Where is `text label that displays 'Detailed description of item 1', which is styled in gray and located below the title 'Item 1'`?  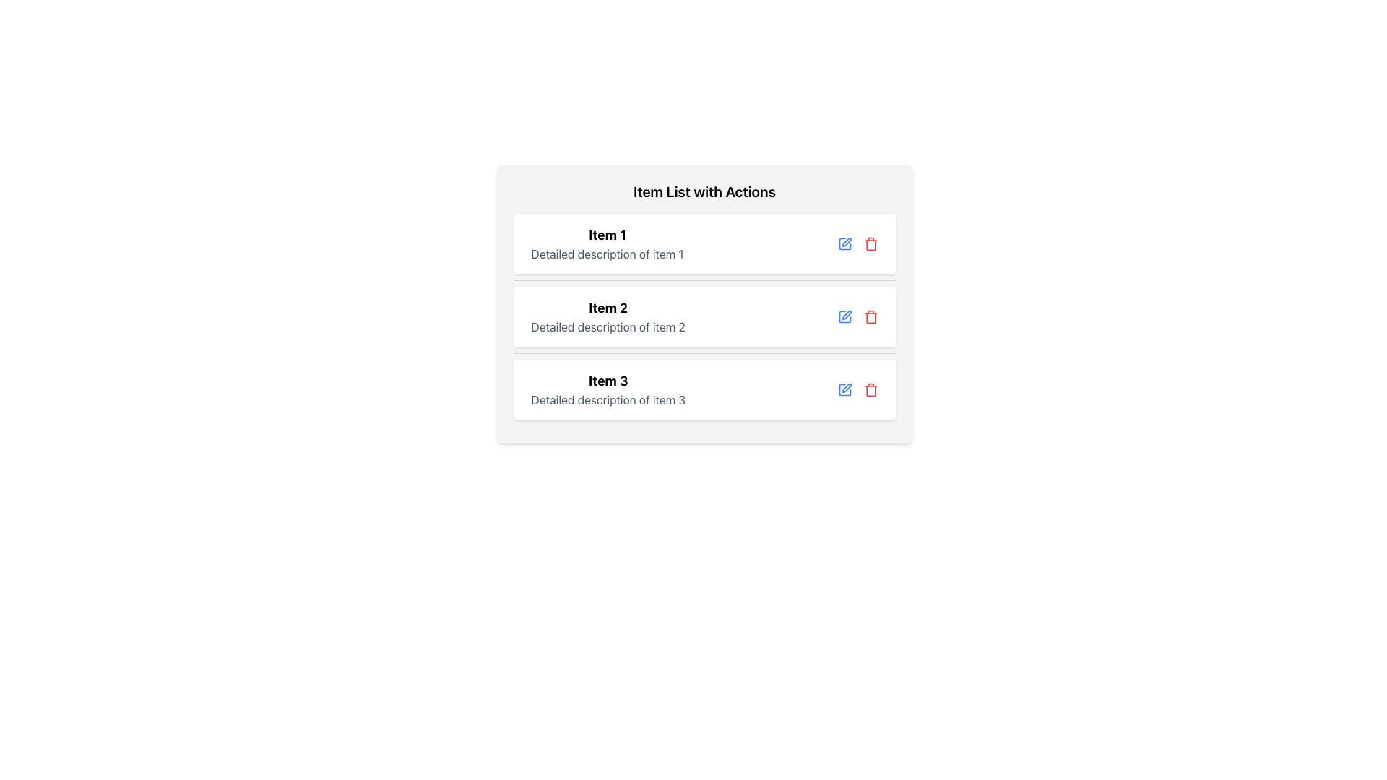
text label that displays 'Detailed description of item 1', which is styled in gray and located below the title 'Item 1' is located at coordinates (607, 253).